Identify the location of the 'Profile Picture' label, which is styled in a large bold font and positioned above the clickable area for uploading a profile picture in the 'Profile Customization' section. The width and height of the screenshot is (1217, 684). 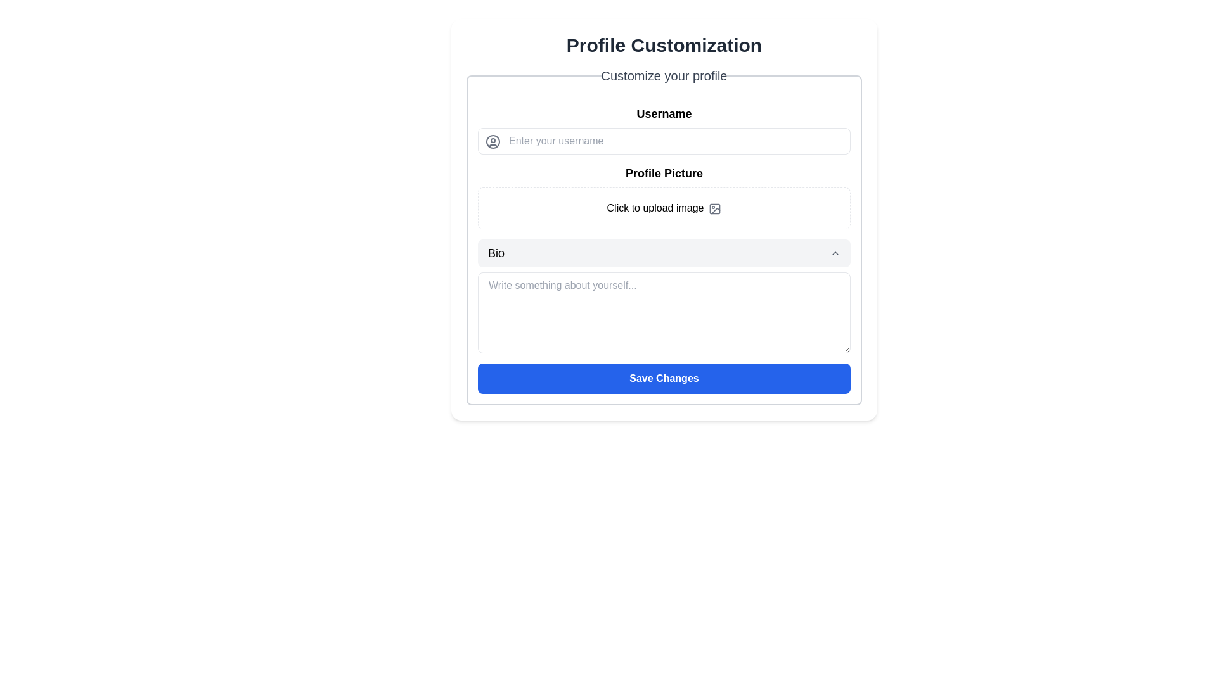
(663, 173).